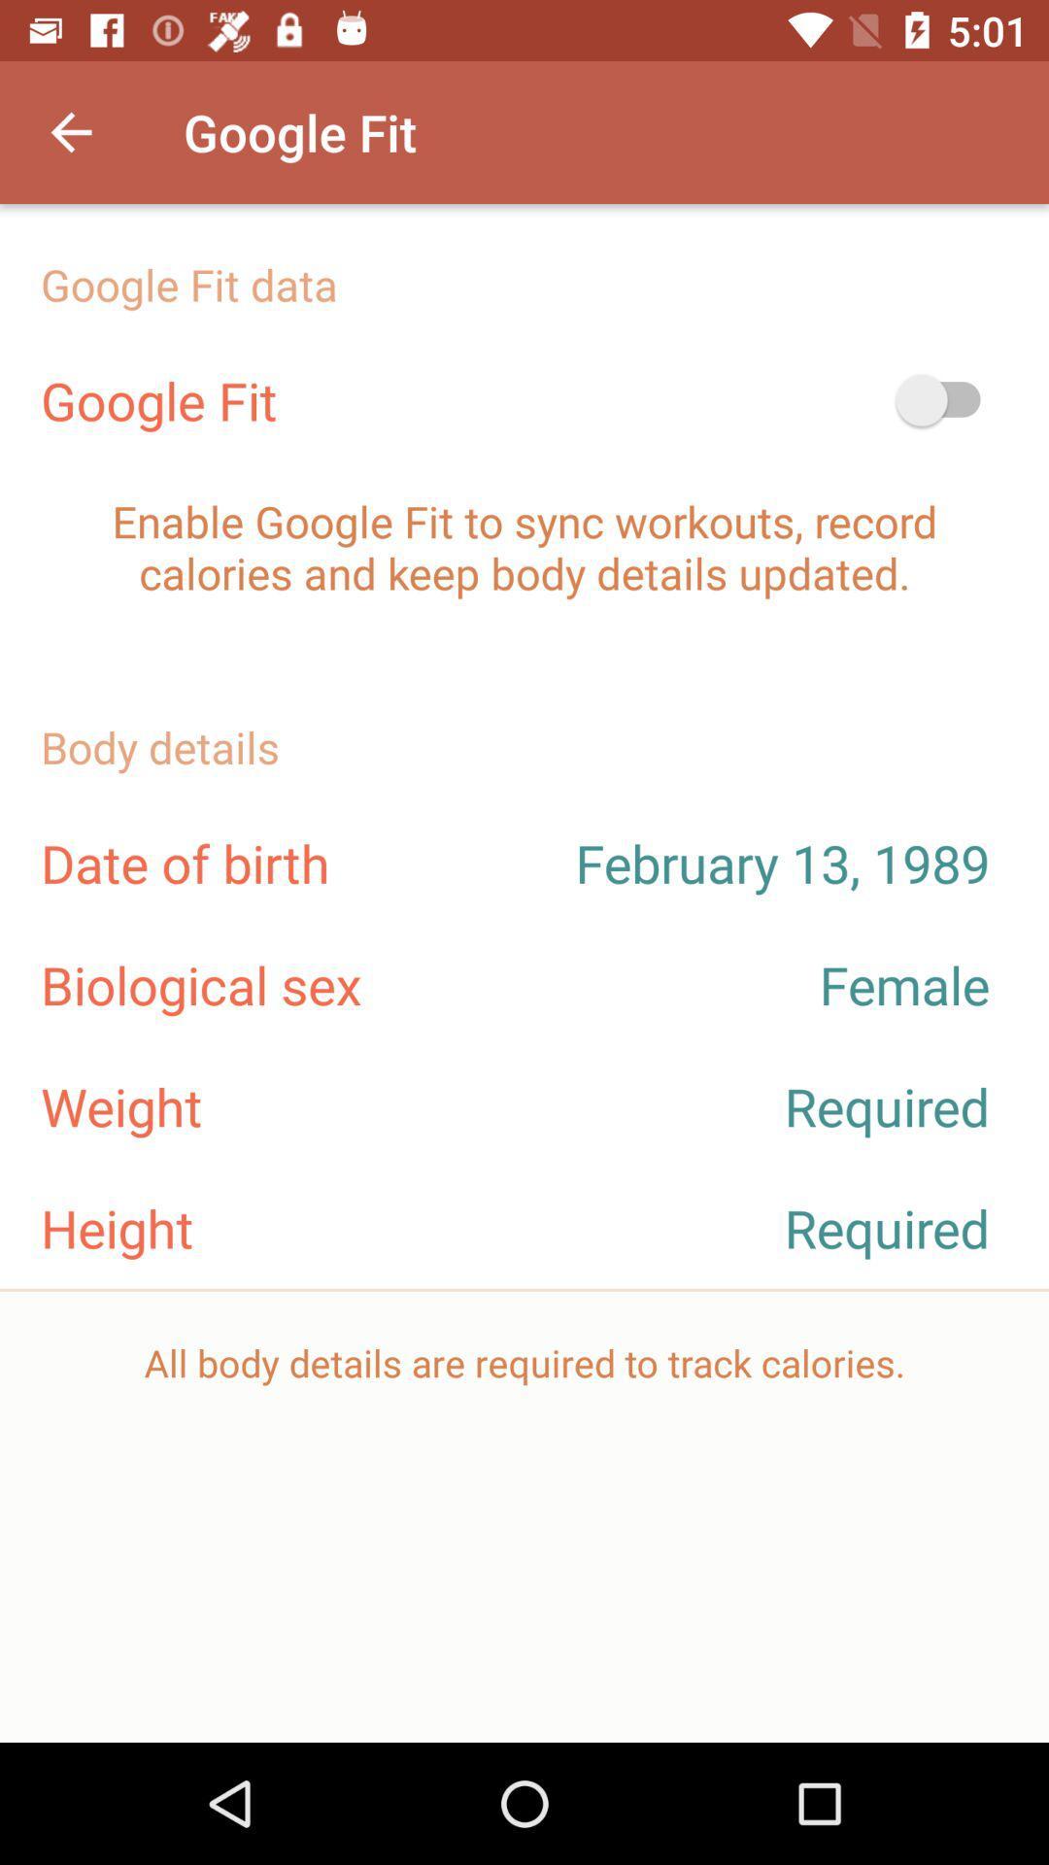  Describe the element at coordinates (70, 131) in the screenshot. I see `icon above google fit data item` at that location.